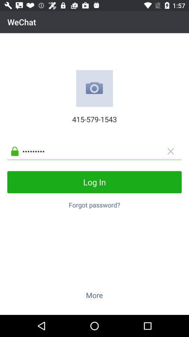  What do you see at coordinates (94, 203) in the screenshot?
I see `the forgot password? item` at bounding box center [94, 203].